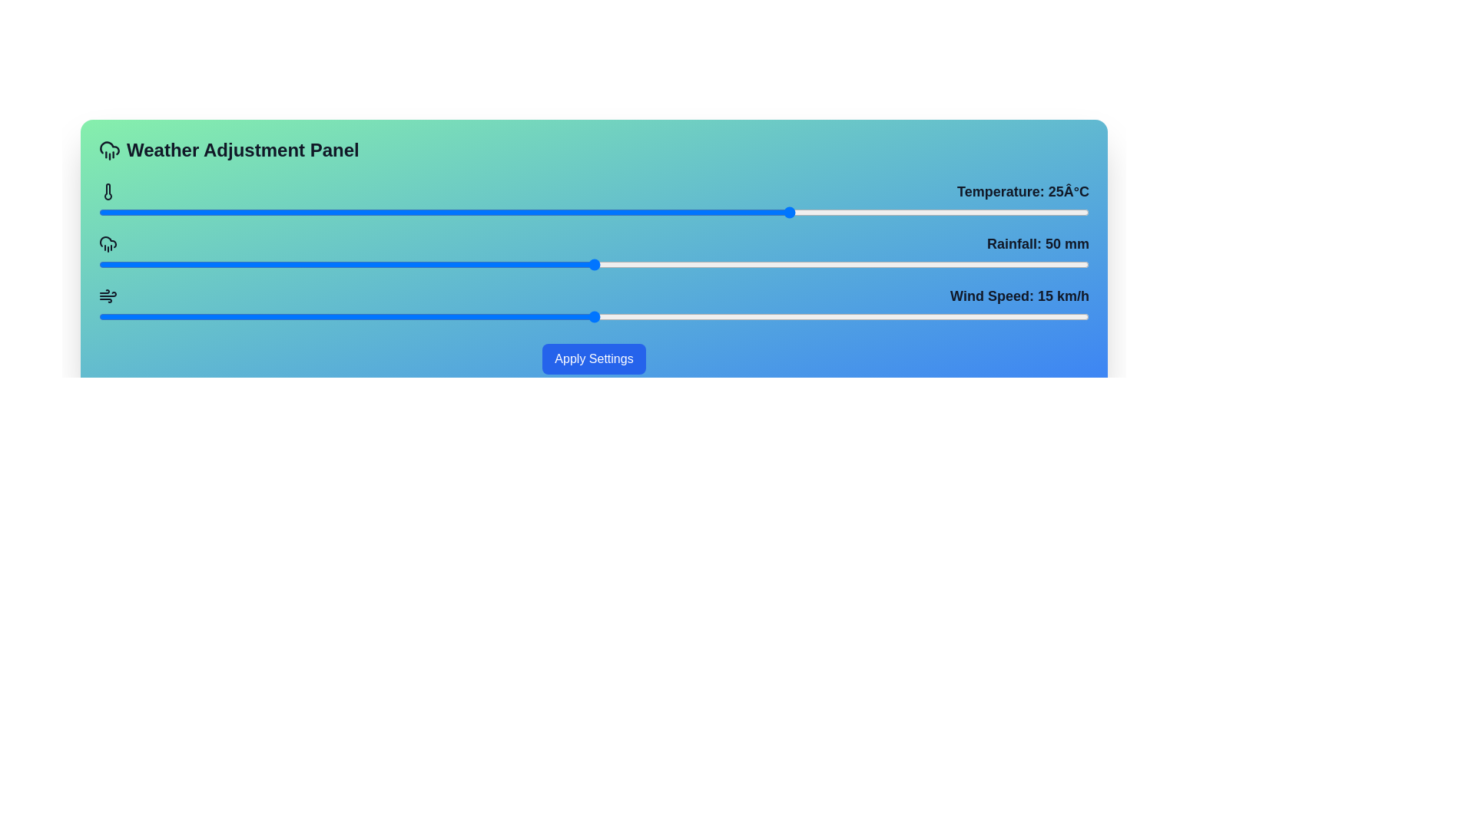 The height and width of the screenshot is (829, 1475). Describe the element at coordinates (107, 242) in the screenshot. I see `the rainfall icon, which is part of a cloud and rain icon with a bold black outline, located in the second row of the weather adjustment panel` at that location.